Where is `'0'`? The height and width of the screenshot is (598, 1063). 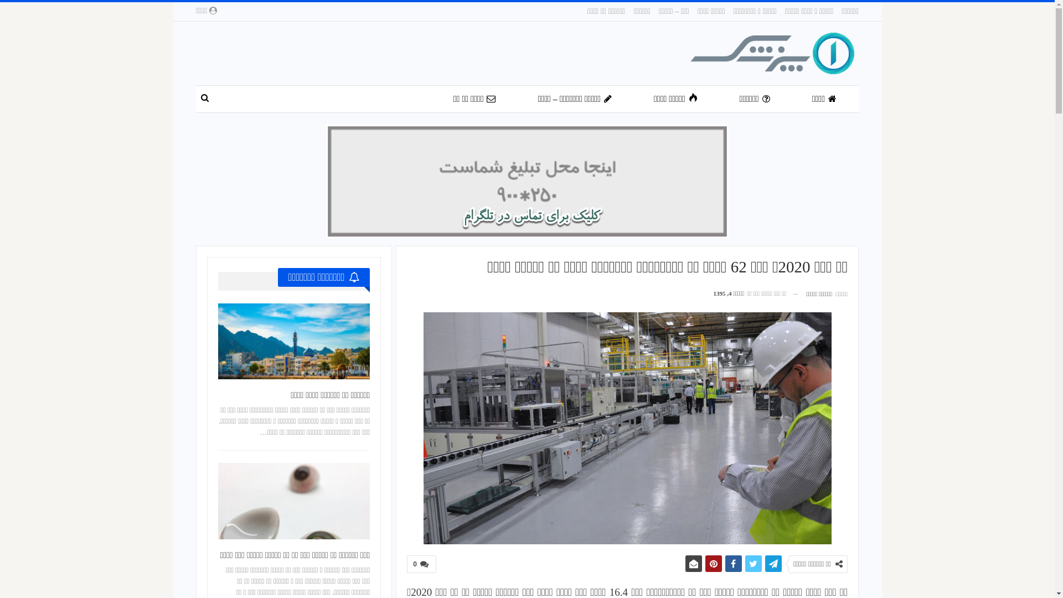
'0' is located at coordinates (406, 564).